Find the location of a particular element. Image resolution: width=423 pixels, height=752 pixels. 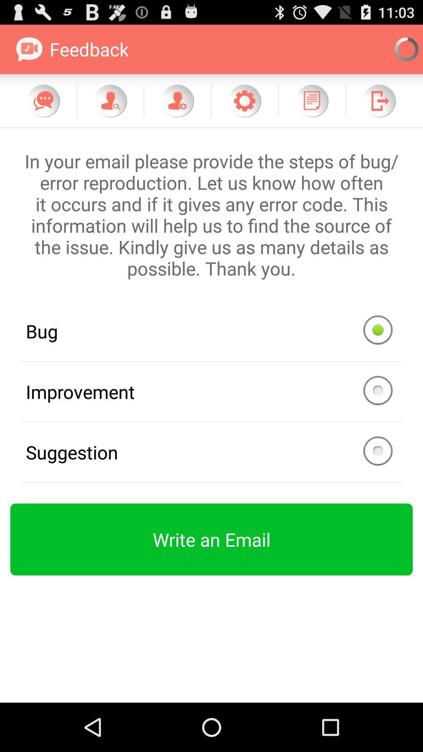

messaging is located at coordinates (43, 100).